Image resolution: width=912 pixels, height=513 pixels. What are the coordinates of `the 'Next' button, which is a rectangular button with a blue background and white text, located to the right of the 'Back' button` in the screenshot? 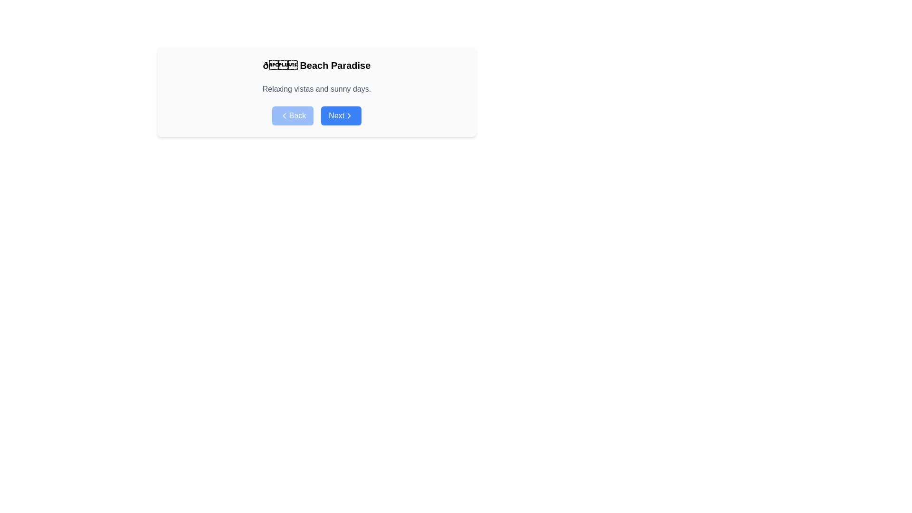 It's located at (341, 115).